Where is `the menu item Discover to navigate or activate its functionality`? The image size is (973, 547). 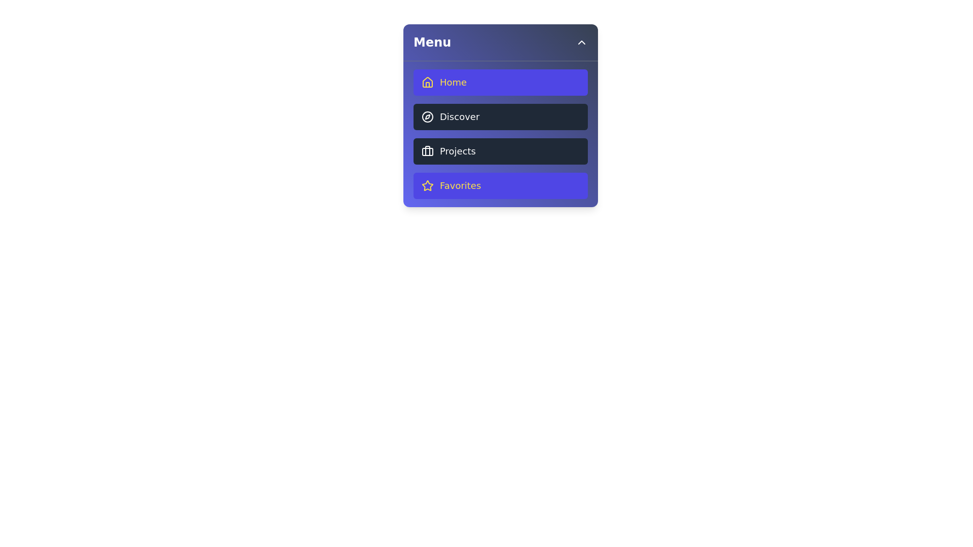 the menu item Discover to navigate or activate its functionality is located at coordinates (501, 116).